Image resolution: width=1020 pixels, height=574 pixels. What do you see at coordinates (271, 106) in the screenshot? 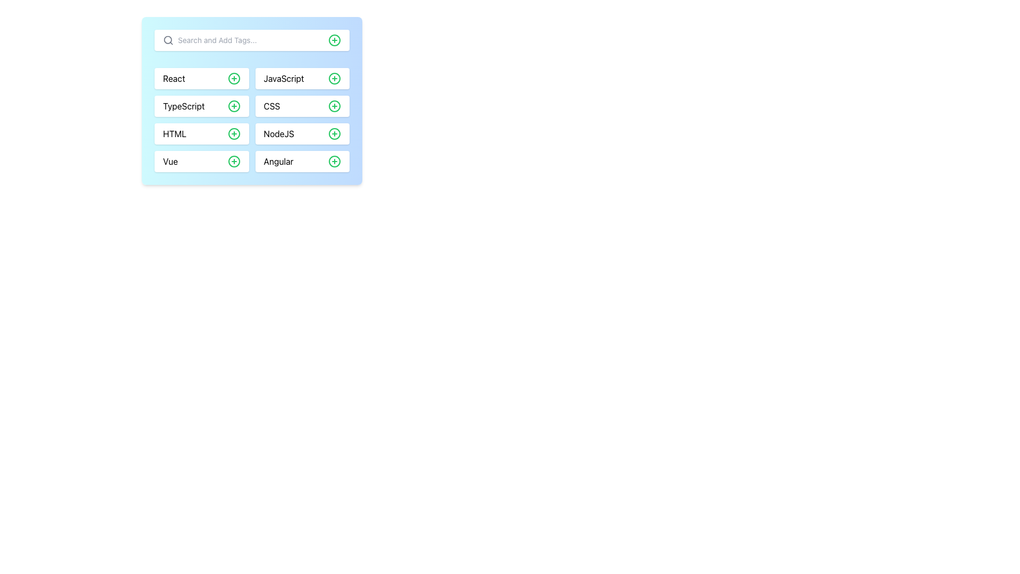
I see `the static text label component that displays 'CSS', which is positioned to the left of an addition icon in the grid layout` at bounding box center [271, 106].